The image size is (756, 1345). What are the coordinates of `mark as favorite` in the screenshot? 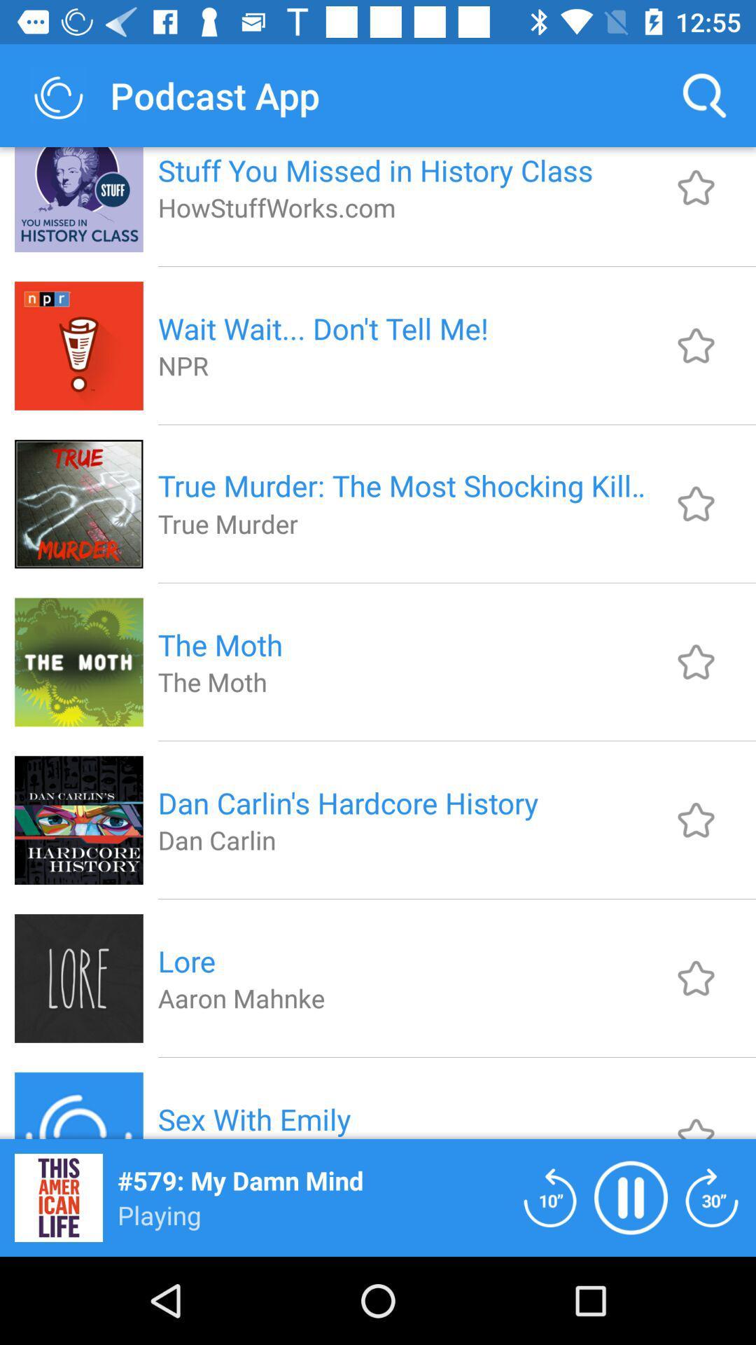 It's located at (696, 1116).